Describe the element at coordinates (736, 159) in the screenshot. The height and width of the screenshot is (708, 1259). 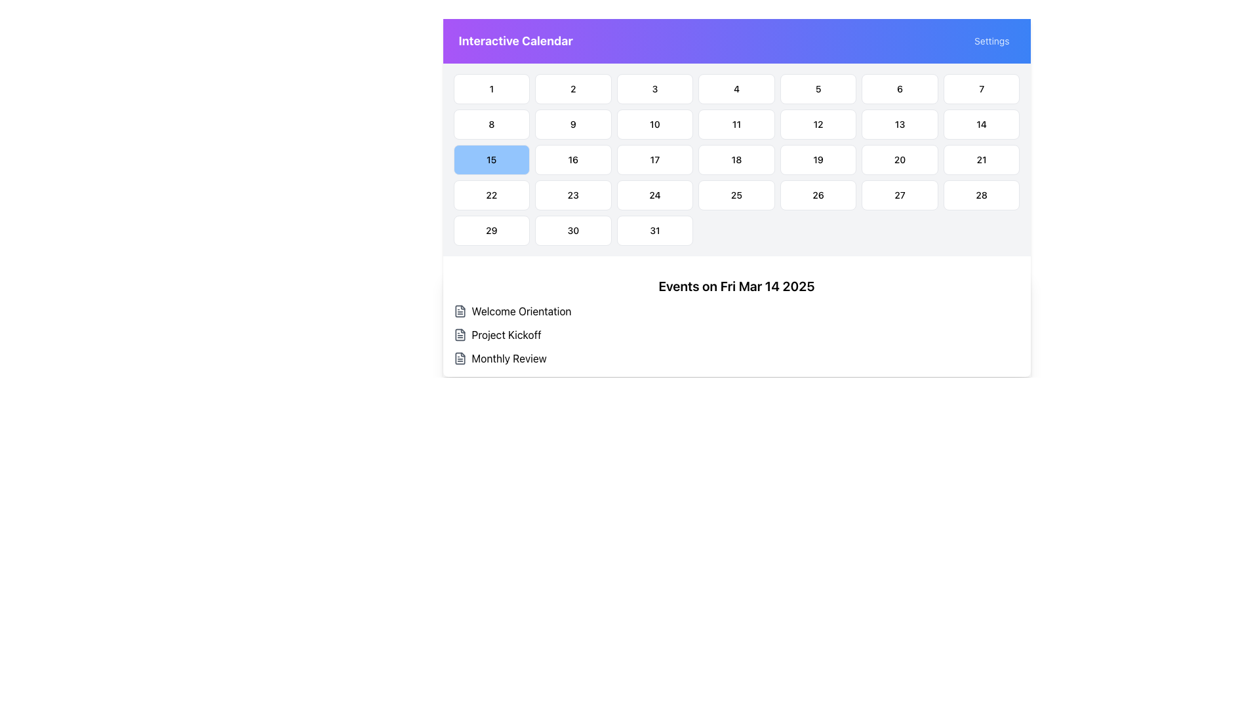
I see `the static text element displaying the number '18', located in the third row and sixth column of the calendar grid` at that location.